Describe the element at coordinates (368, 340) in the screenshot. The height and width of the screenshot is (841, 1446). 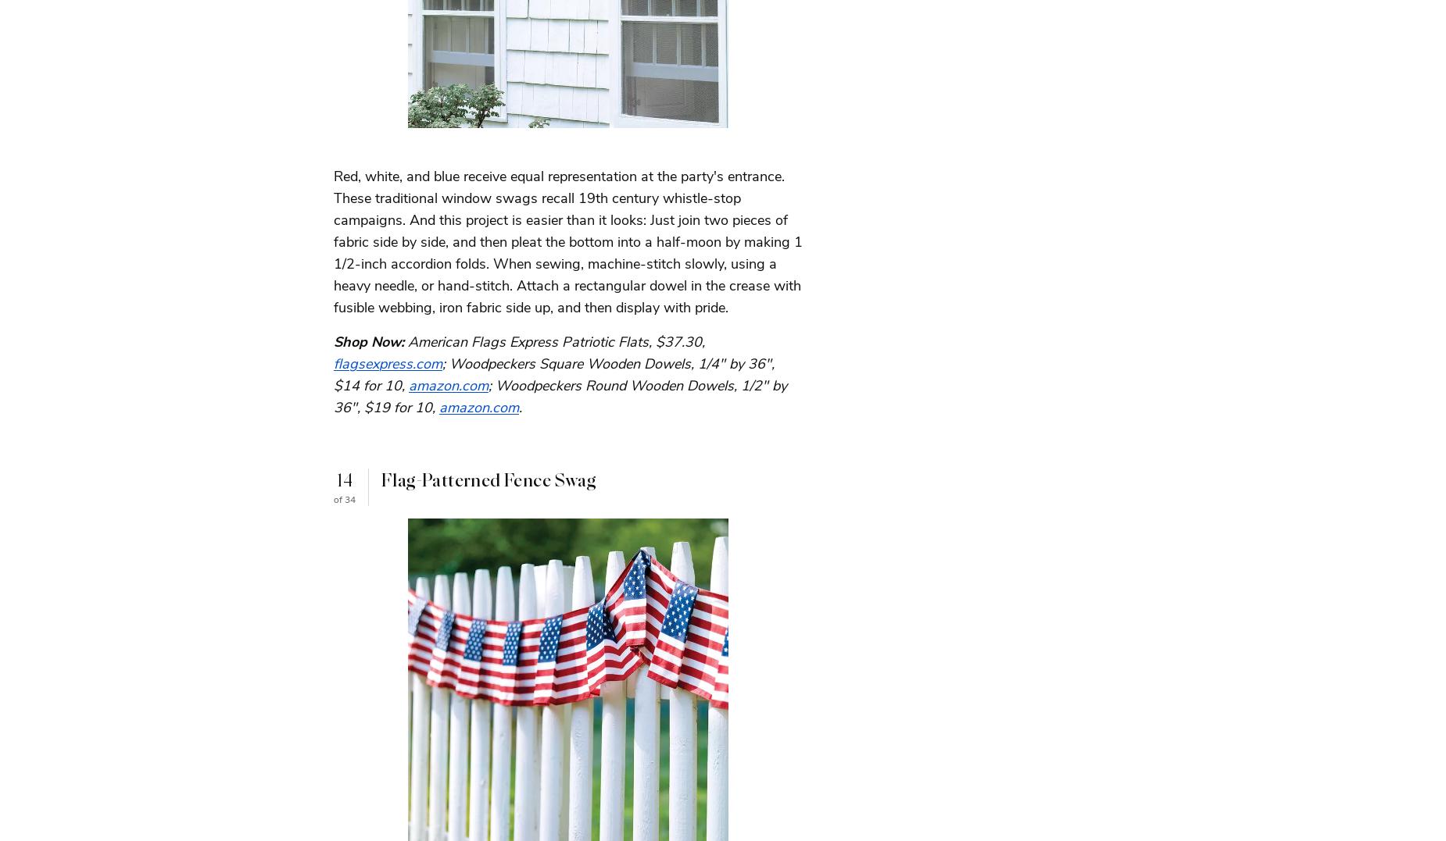
I see `'Shop Now:'` at that location.